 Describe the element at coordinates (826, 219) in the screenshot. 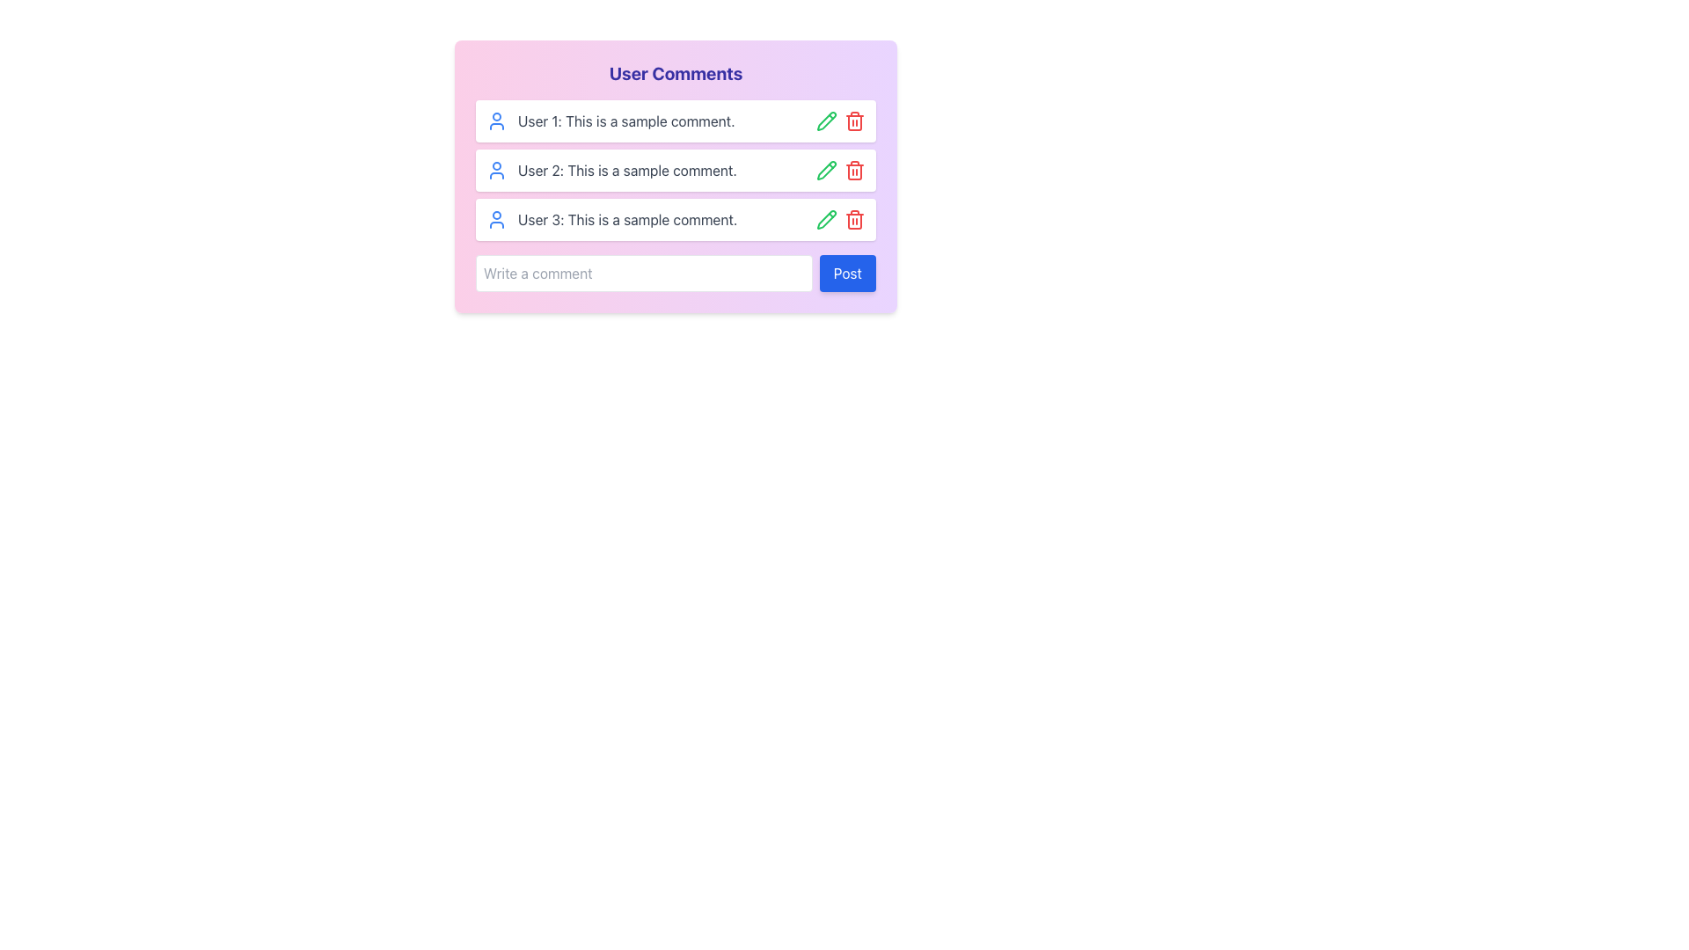

I see `the green pencil icon button indicating edit functionality, located next to the comment text of User 3's comment` at that location.